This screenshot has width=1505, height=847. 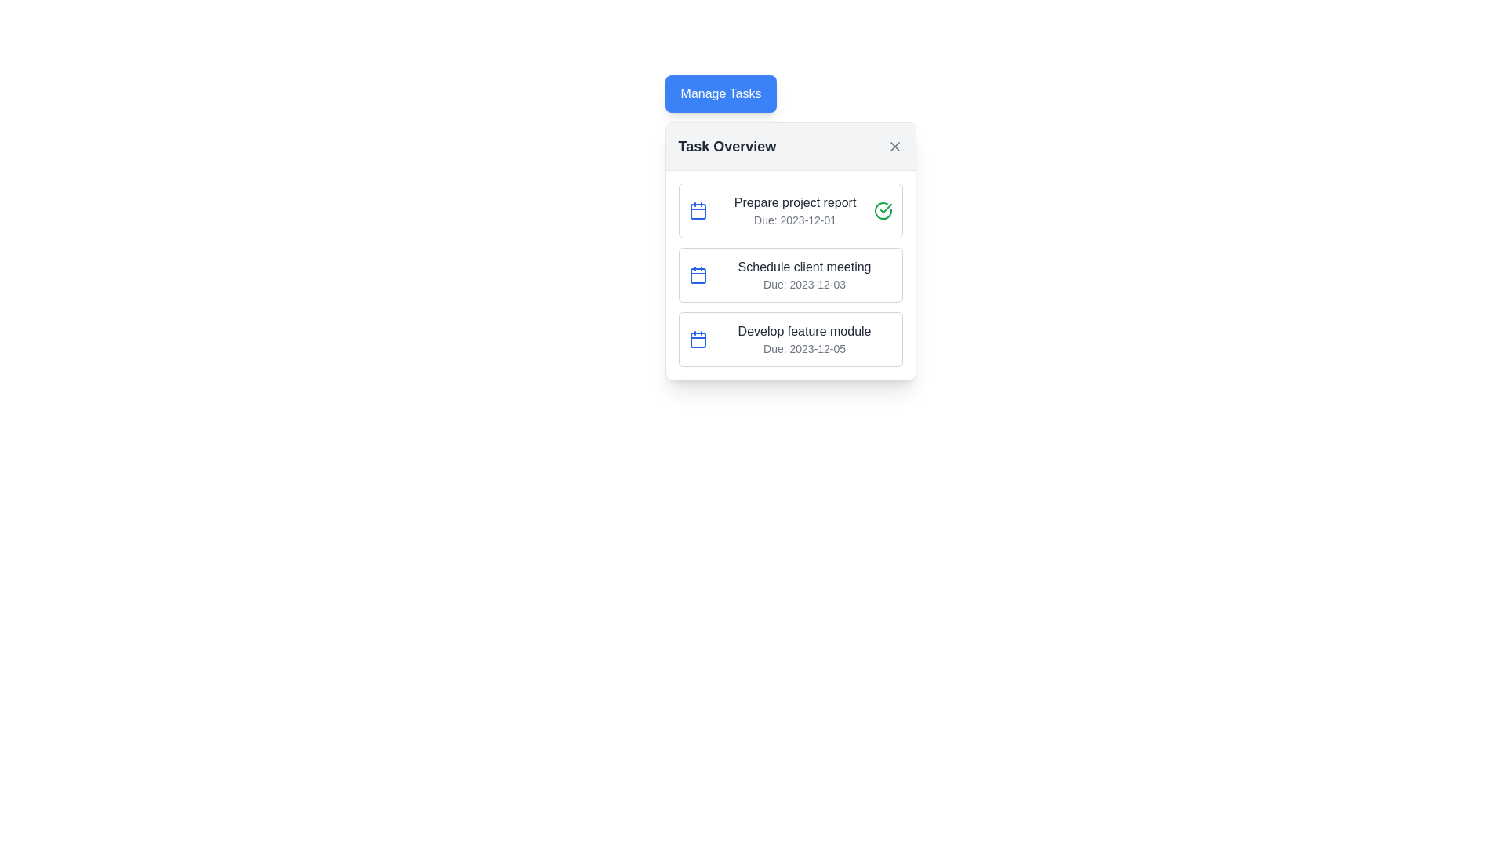 What do you see at coordinates (790, 274) in the screenshot?
I see `the second task card in the 'Task Overview' section that displays the scheduled task titled 'Schedule client meeting'` at bounding box center [790, 274].